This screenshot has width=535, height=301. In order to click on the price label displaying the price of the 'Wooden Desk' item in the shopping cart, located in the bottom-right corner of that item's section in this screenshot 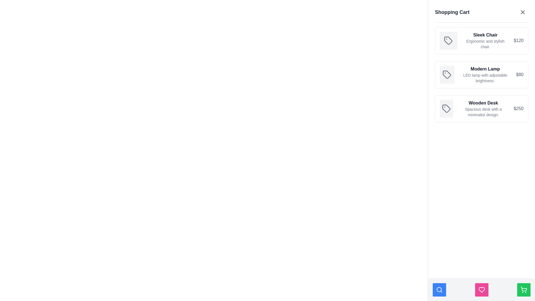, I will do `click(518, 108)`.